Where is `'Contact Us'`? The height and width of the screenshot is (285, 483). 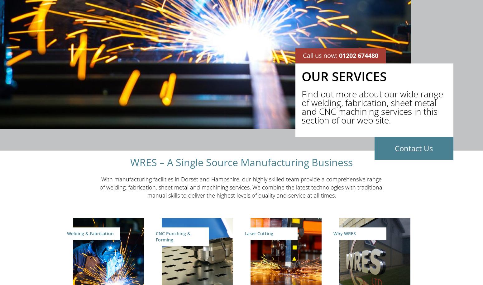
'Contact Us' is located at coordinates (414, 148).